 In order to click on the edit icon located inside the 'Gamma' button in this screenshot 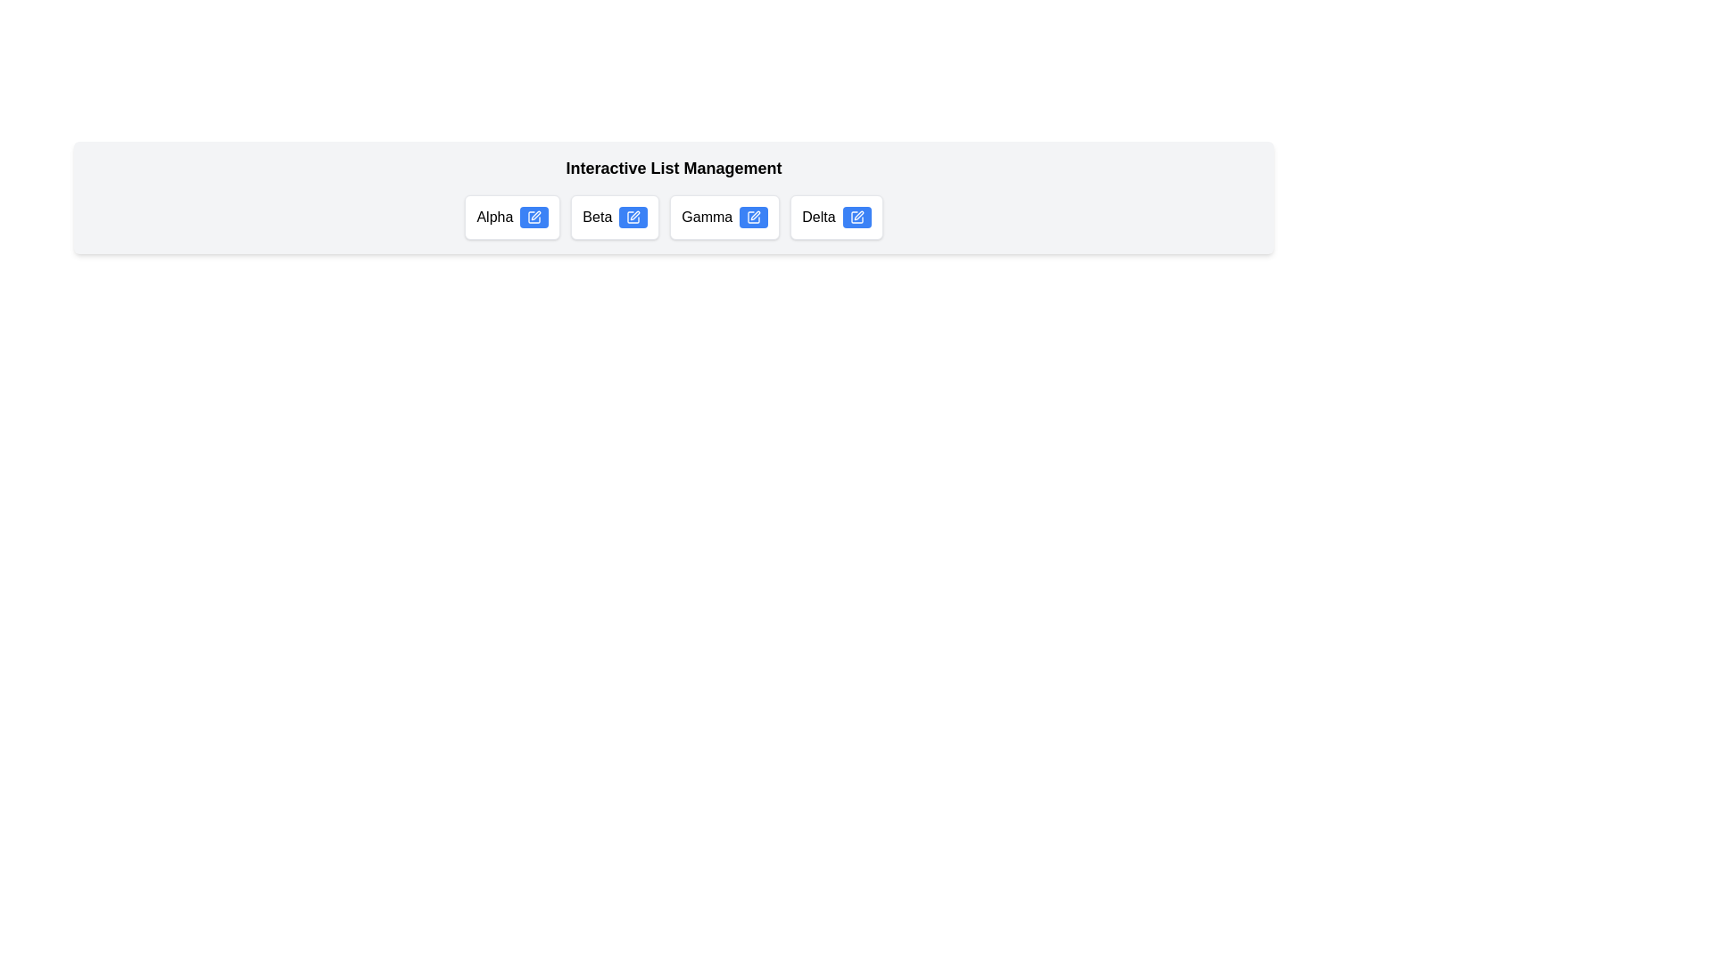, I will do `click(755, 215)`.